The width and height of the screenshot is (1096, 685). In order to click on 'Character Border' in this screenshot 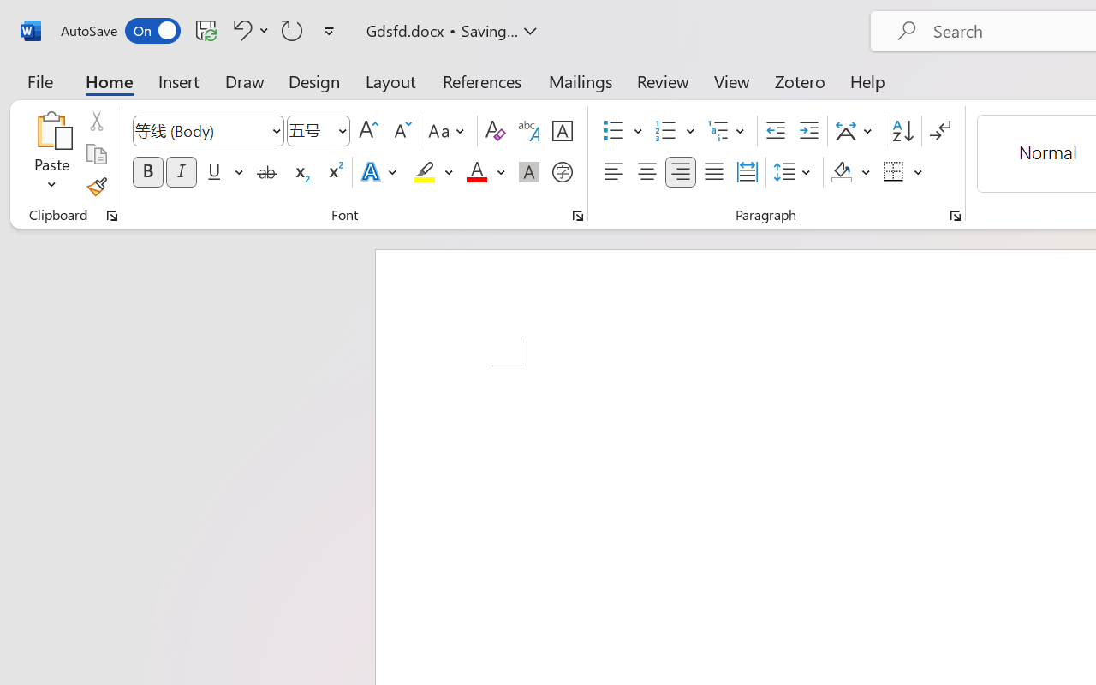, I will do `click(562, 131)`.